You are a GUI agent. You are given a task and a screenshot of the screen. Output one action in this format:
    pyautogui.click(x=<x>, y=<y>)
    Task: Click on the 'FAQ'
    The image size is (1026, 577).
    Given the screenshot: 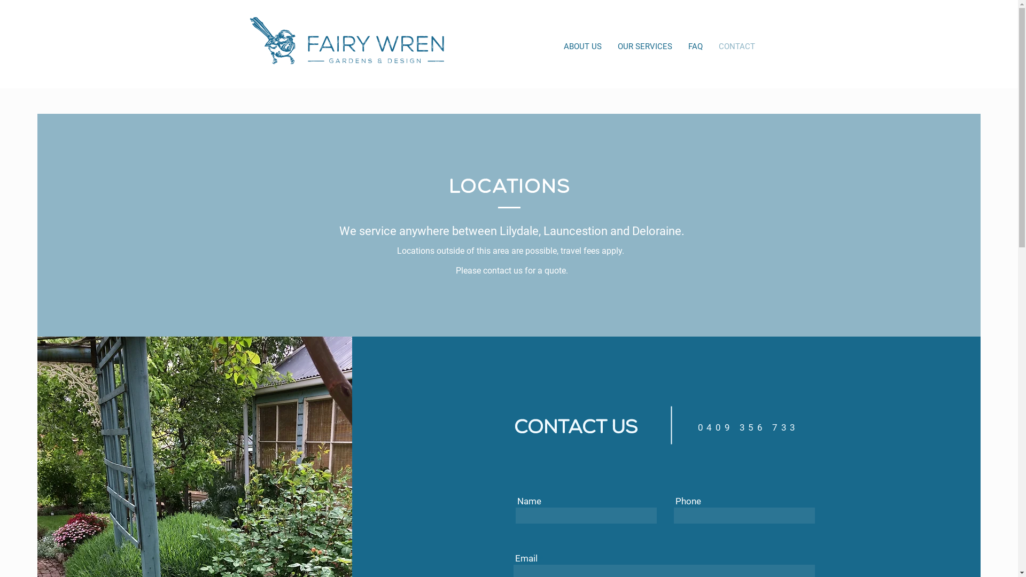 What is the action you would take?
    pyautogui.click(x=695, y=46)
    